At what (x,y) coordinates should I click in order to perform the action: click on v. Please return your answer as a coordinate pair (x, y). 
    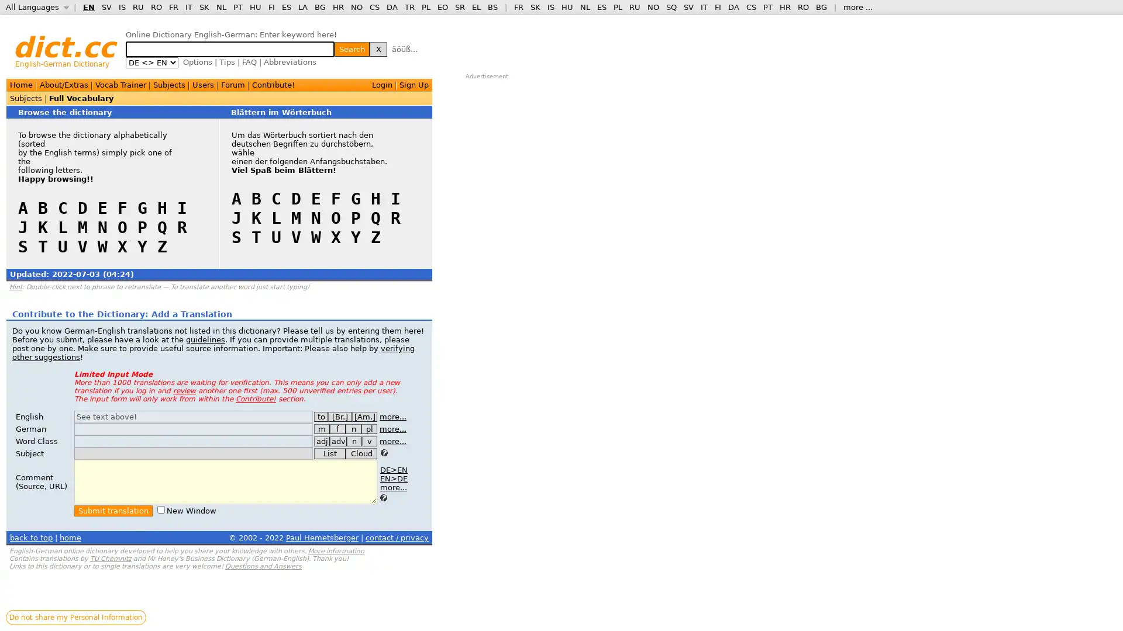
    Looking at the image, I should click on (369, 441).